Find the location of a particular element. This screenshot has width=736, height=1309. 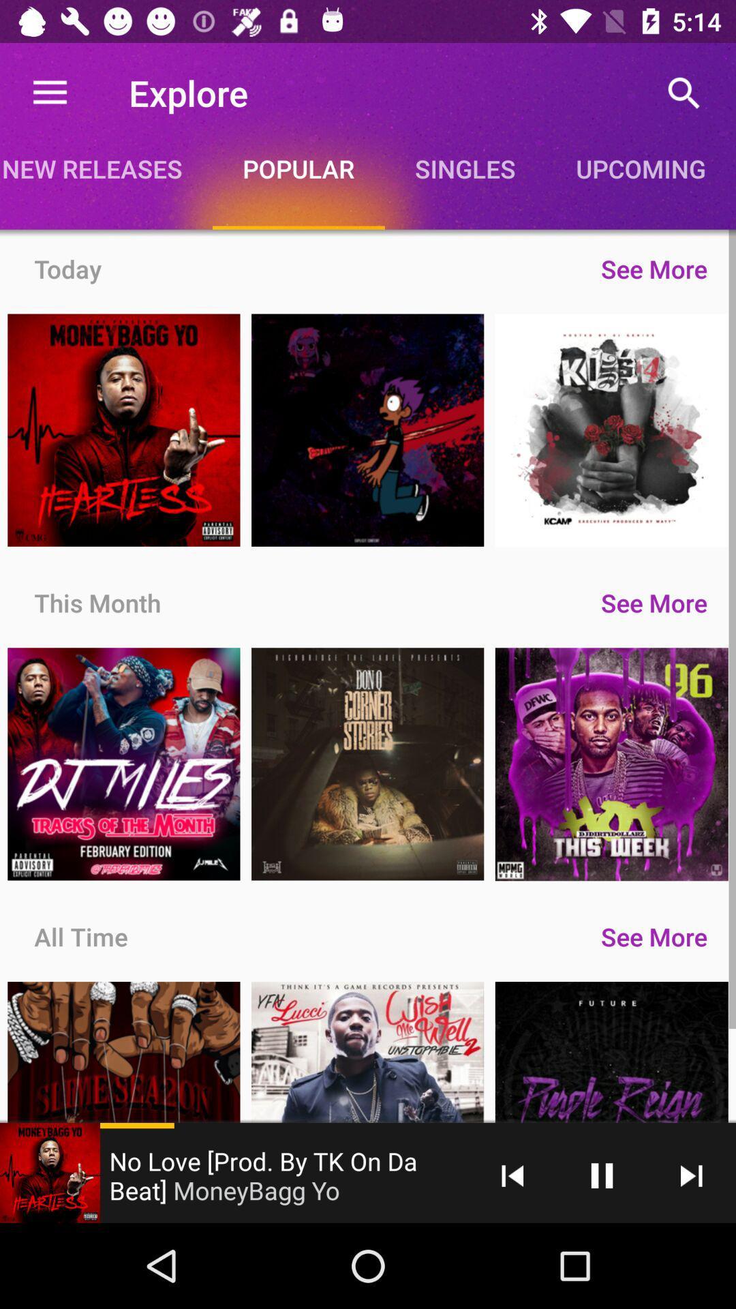

the app to the left of popular is located at coordinates (105, 168).